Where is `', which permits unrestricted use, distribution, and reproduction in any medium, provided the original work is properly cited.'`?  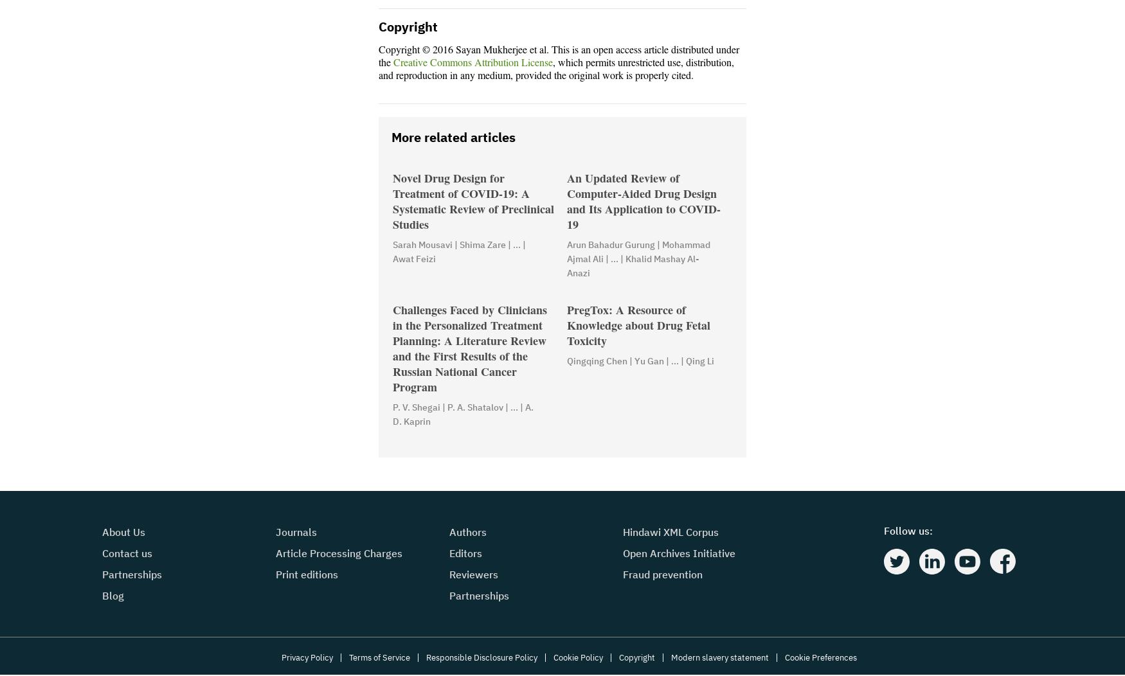 ', which permits unrestricted use, distribution, and reproduction in any medium, provided the original work is properly cited.' is located at coordinates (556, 71).